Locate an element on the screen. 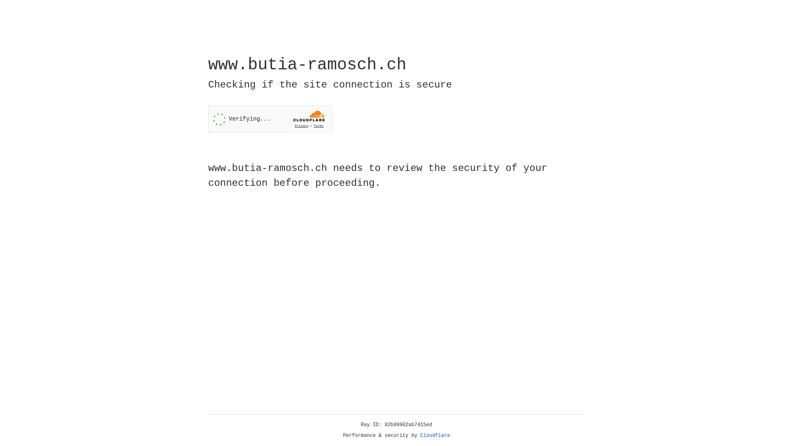  'Cloudflare' is located at coordinates (435, 435).